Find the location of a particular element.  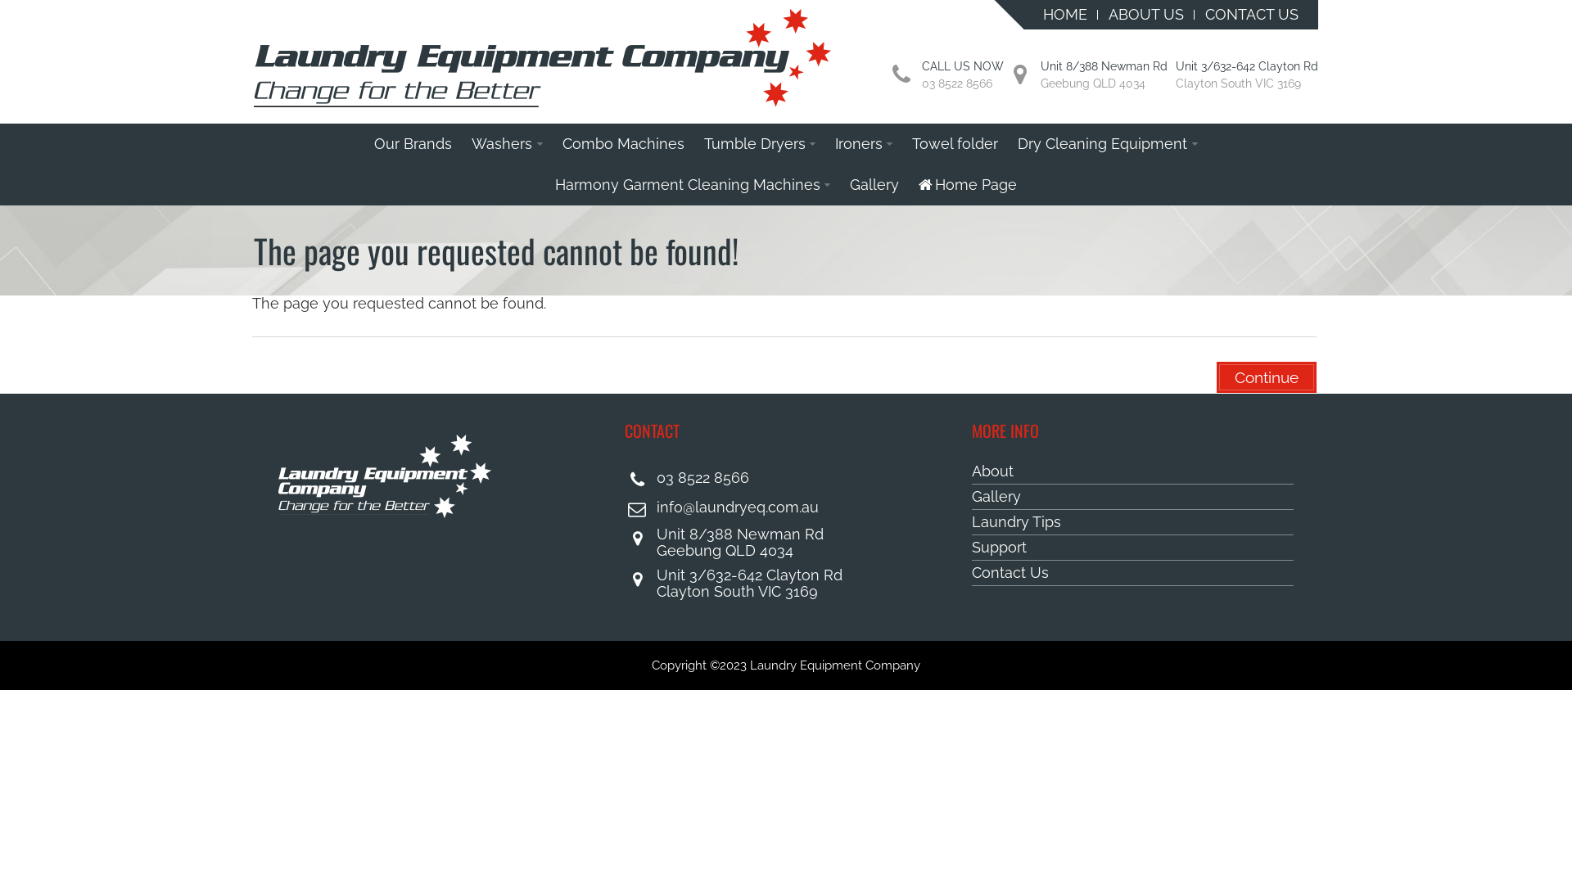

'Continue' is located at coordinates (1265, 377).